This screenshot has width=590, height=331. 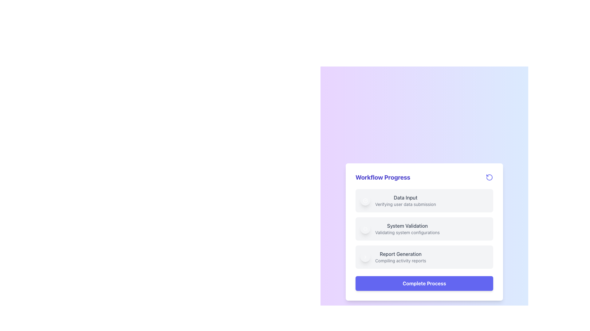 What do you see at coordinates (365, 201) in the screenshot?
I see `the status of the circular checkmark icon with a green background and white checkmark symbol, located in the 'Data Input' section of the 'Workflow Progress' list` at bounding box center [365, 201].